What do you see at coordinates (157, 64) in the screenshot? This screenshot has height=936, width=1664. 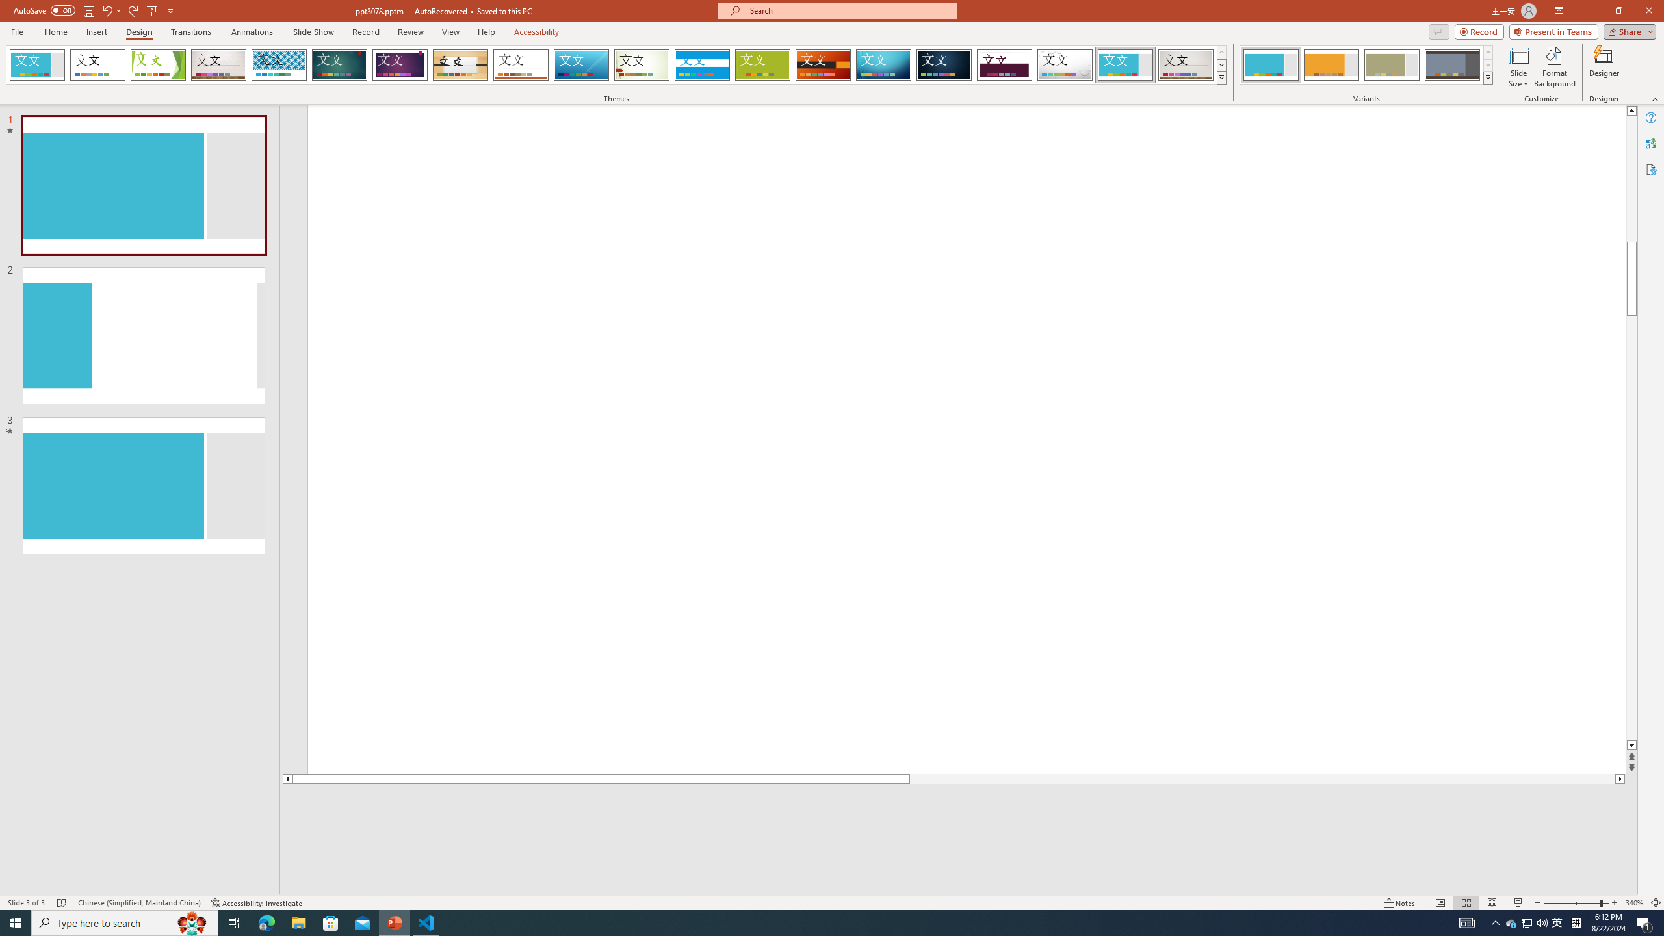 I see `'Facet'` at bounding box center [157, 64].